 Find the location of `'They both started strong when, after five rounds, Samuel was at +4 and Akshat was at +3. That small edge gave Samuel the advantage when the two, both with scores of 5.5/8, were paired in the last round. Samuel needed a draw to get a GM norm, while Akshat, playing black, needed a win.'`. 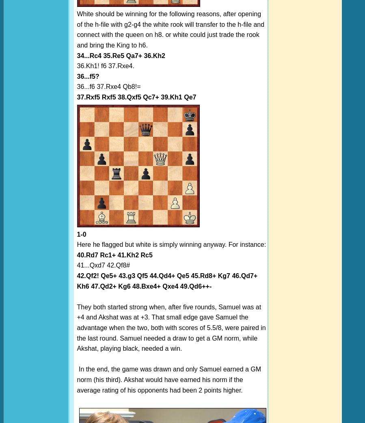

'They both started strong when, after five rounds, Samuel was at +4 and Akshat was at +3. That small edge gave Samuel the advantage when the two, both with scores of 5.5/8, were paired in the last round. Samuel needed a draw to get a GM norm, while Akshat, playing black, needed a win.' is located at coordinates (171, 328).